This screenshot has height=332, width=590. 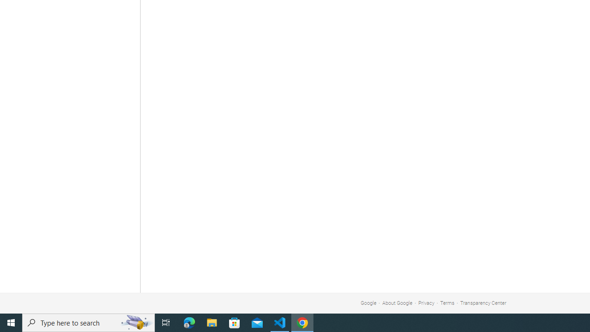 I want to click on 'Transparency Center', so click(x=483, y=303).